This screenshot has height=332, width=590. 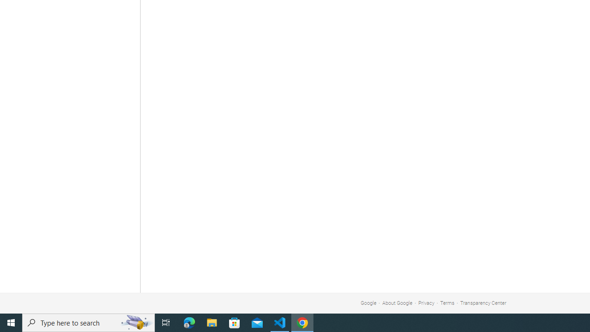 I want to click on 'Transparency Center', so click(x=483, y=303).